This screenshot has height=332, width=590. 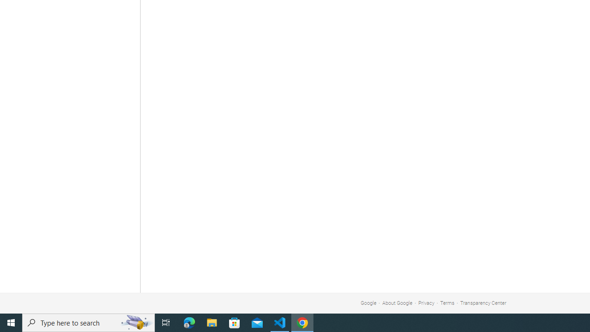 I want to click on 'Transparency Center', so click(x=483, y=303).